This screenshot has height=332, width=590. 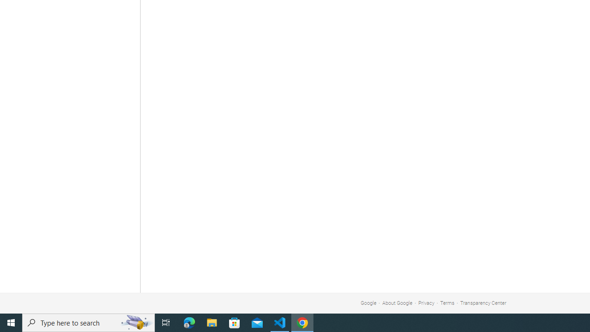 I want to click on 'Transparency Center', so click(x=483, y=303).